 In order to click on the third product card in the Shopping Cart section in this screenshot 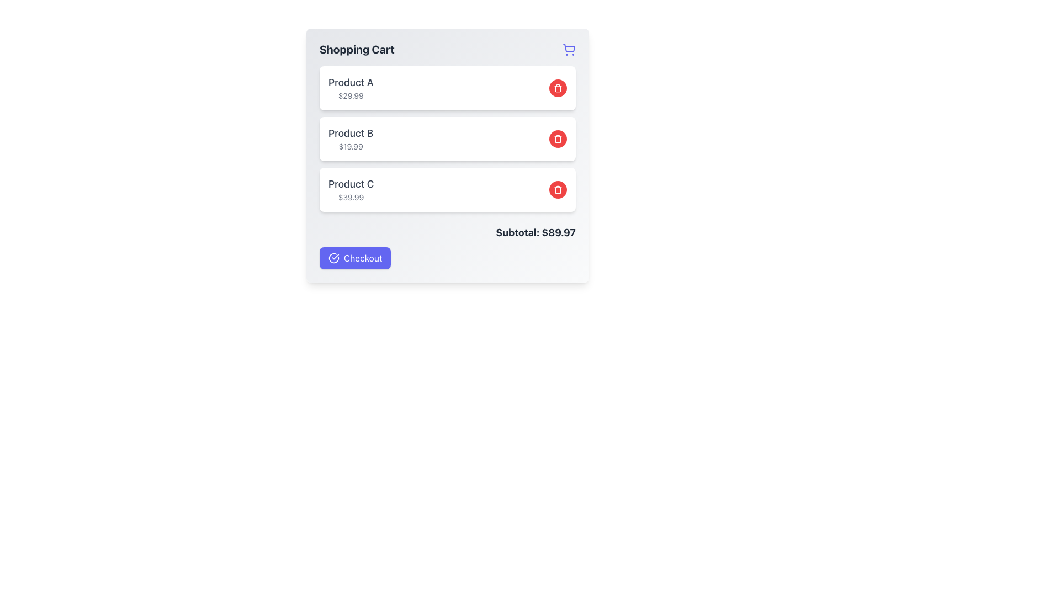, I will do `click(448, 189)`.